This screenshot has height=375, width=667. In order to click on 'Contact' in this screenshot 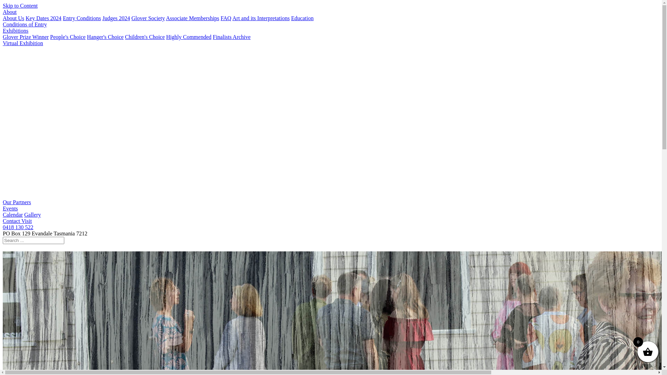, I will do `click(12, 221)`.